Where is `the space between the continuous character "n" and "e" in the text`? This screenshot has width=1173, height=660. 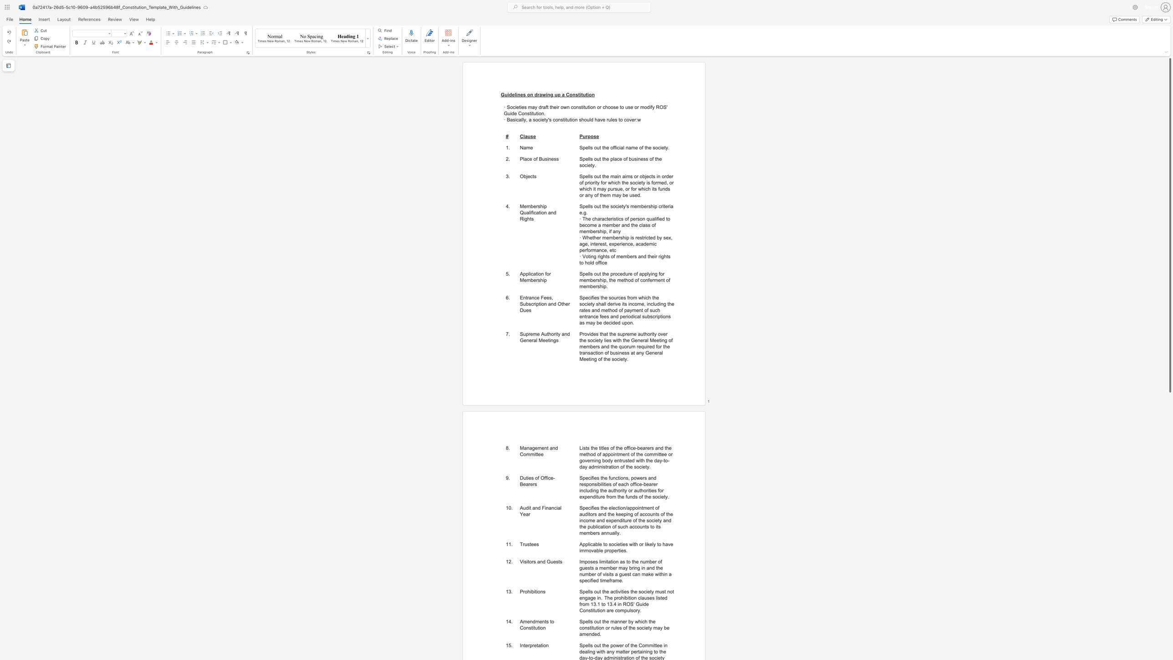 the space between the continuous character "n" and "e" in the text is located at coordinates (520, 94).